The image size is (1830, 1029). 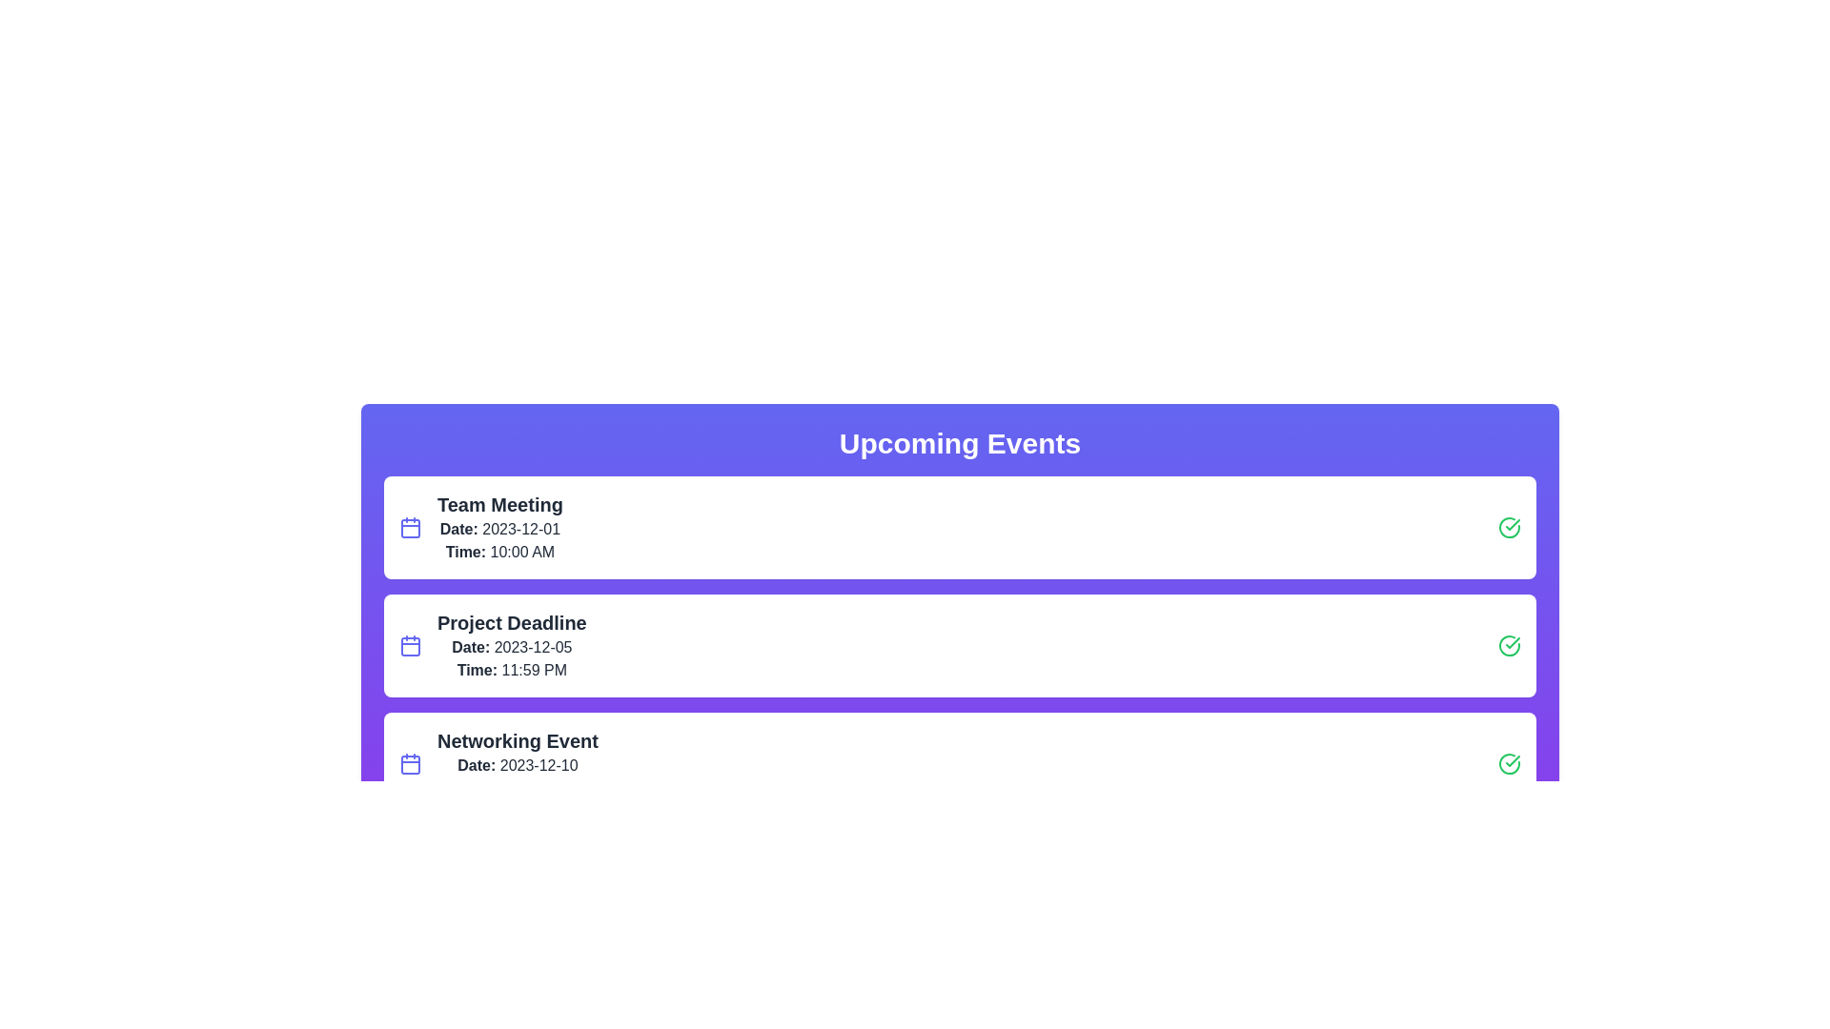 What do you see at coordinates (512, 670) in the screenshot?
I see `the Static Text Label displaying the project deadline time, positioned beneath 'Date: 2023-12-05' and aligned to the left within the 'Project Deadline' section` at bounding box center [512, 670].